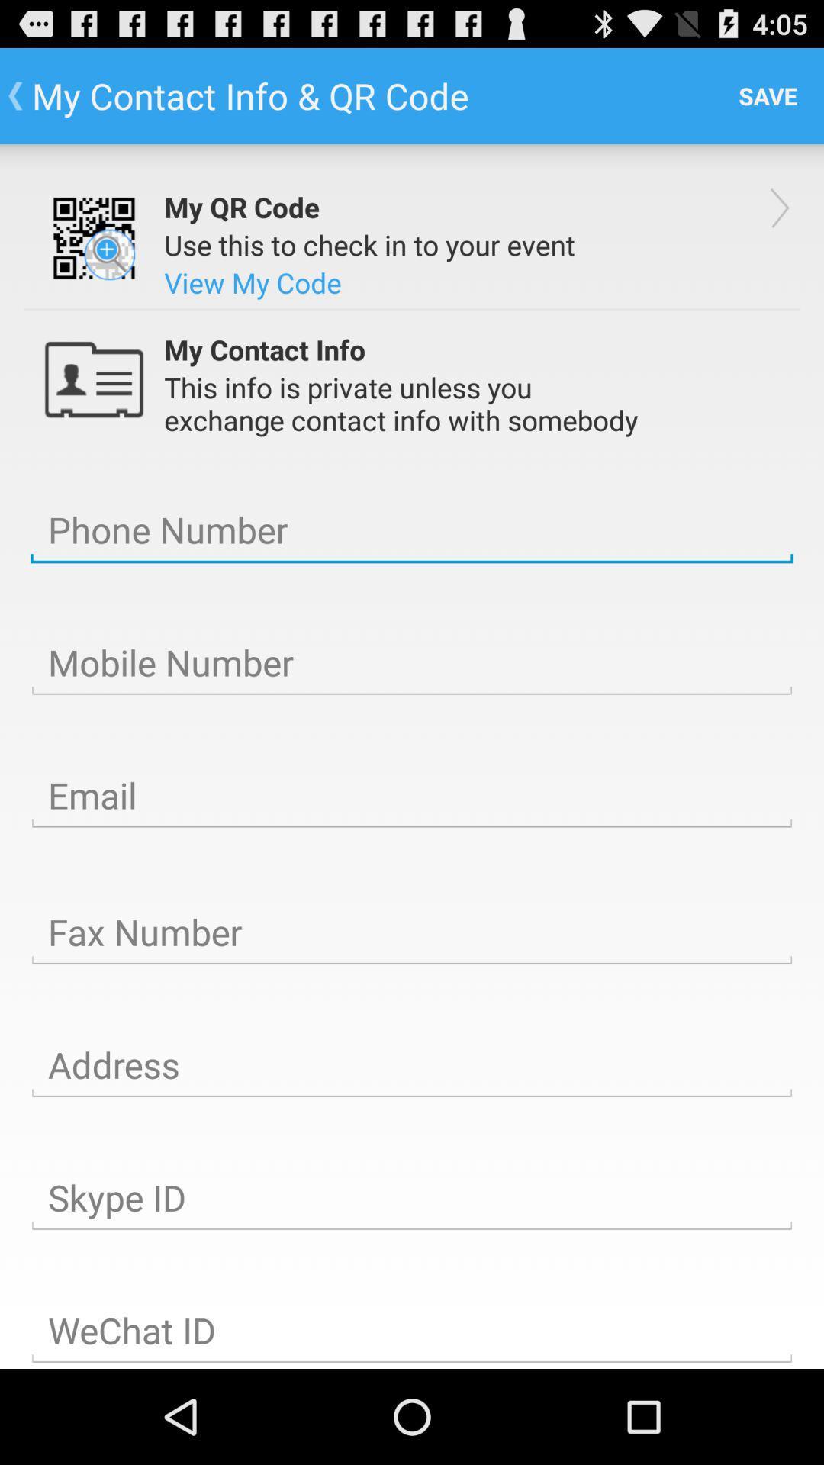  Describe the element at coordinates (412, 795) in the screenshot. I see `email address` at that location.